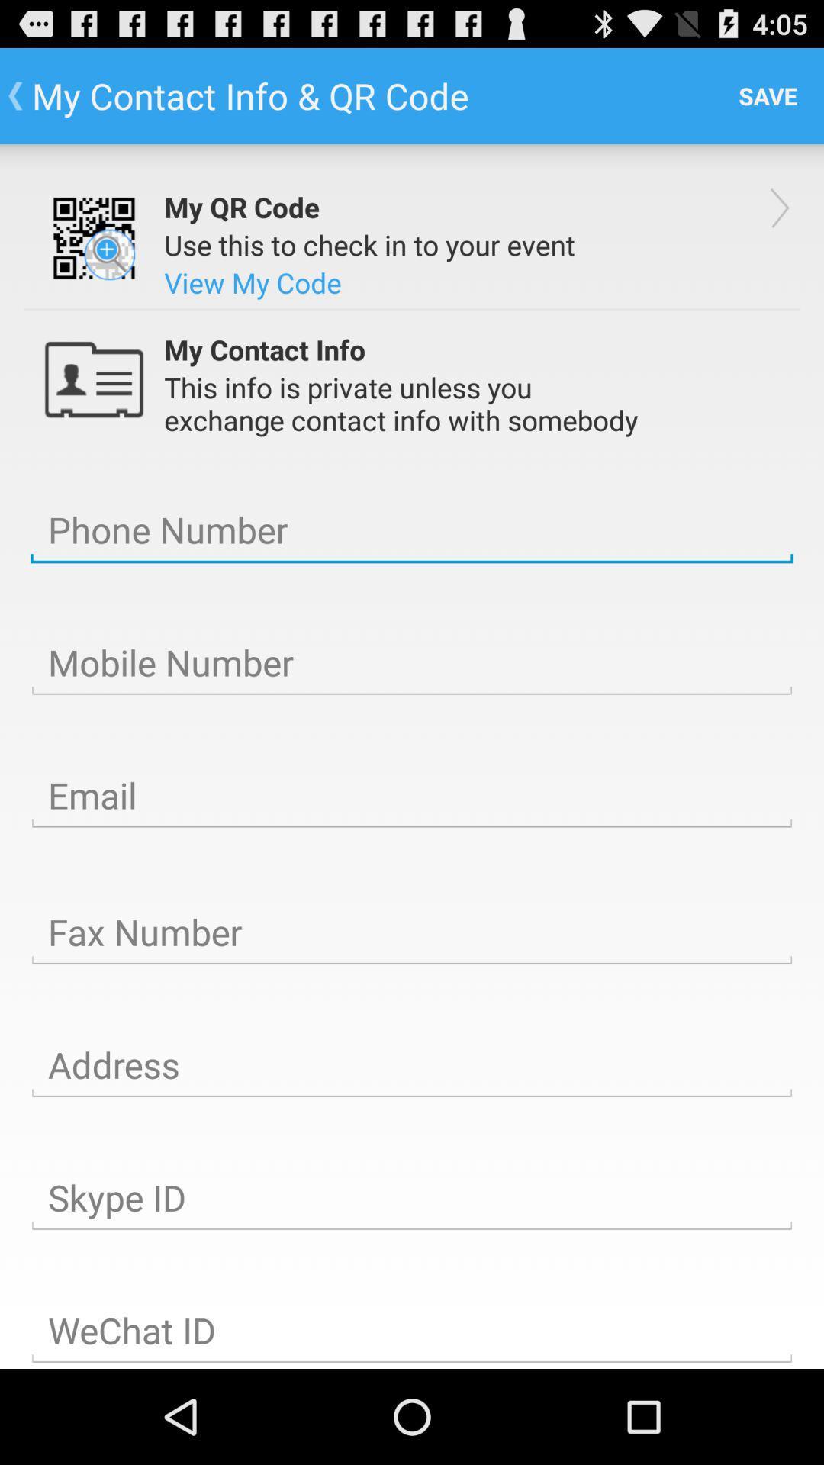  Describe the element at coordinates (412, 795) in the screenshot. I see `email address` at that location.